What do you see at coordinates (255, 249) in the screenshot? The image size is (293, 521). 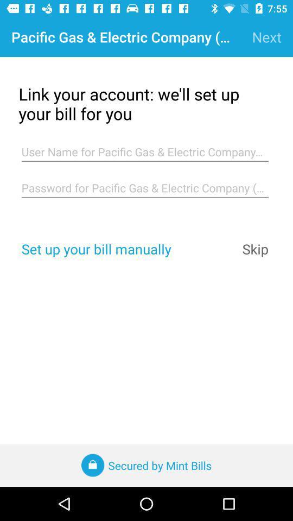 I see `skip icon` at bounding box center [255, 249].